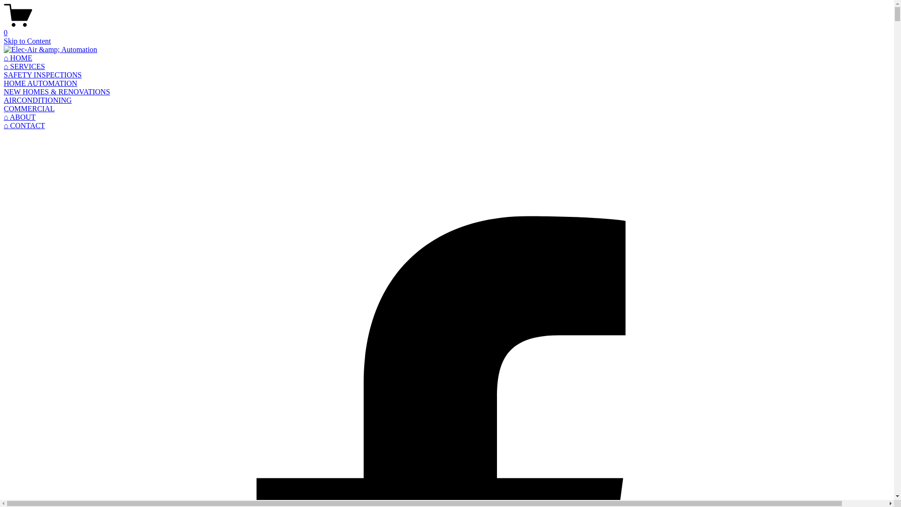 This screenshot has height=507, width=901. What do you see at coordinates (27, 40) in the screenshot?
I see `'Skip to Content'` at bounding box center [27, 40].